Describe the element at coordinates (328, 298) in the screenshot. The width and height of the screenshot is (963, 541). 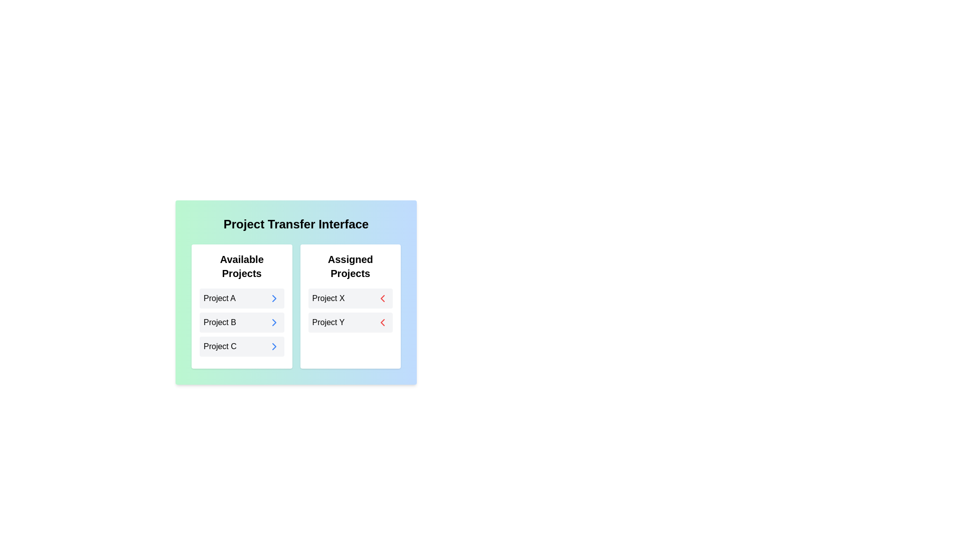
I see `the text label displaying 'Project X' in the 'Assigned Projects' column, located at the top of the list` at that location.